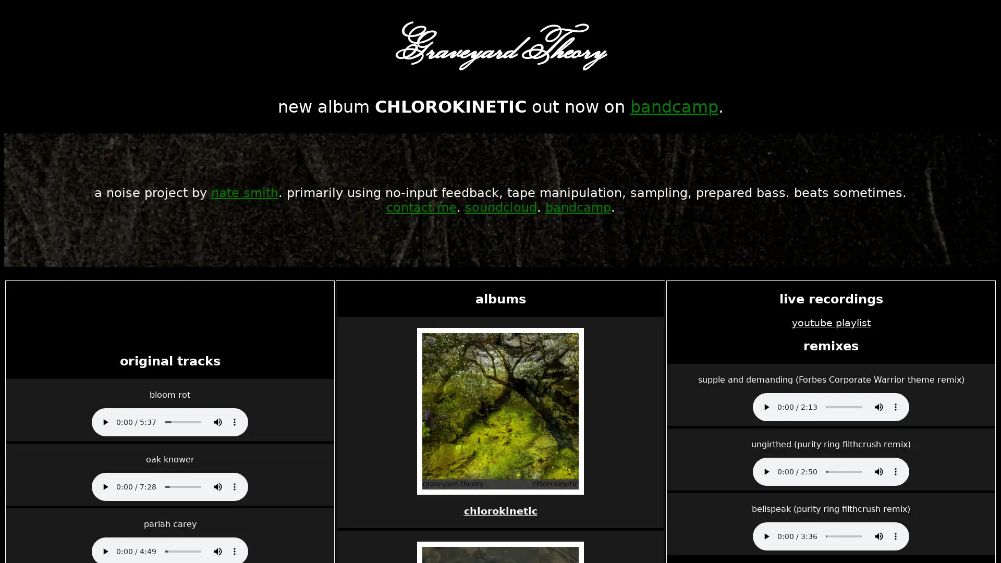 The width and height of the screenshot is (1001, 563). Describe the element at coordinates (895, 472) in the screenshot. I see `show more media controls` at that location.